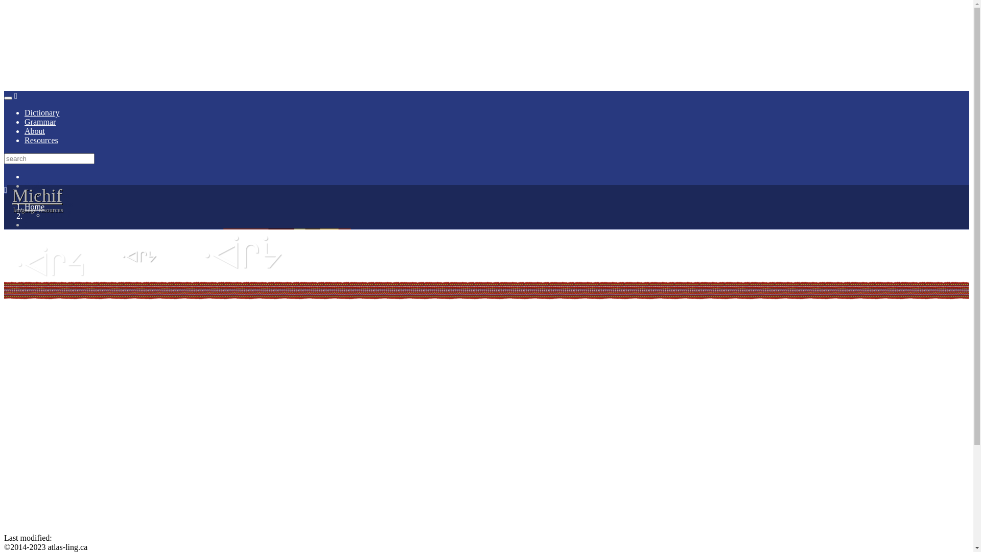  Describe the element at coordinates (34, 206) in the screenshot. I see `'Home'` at that location.